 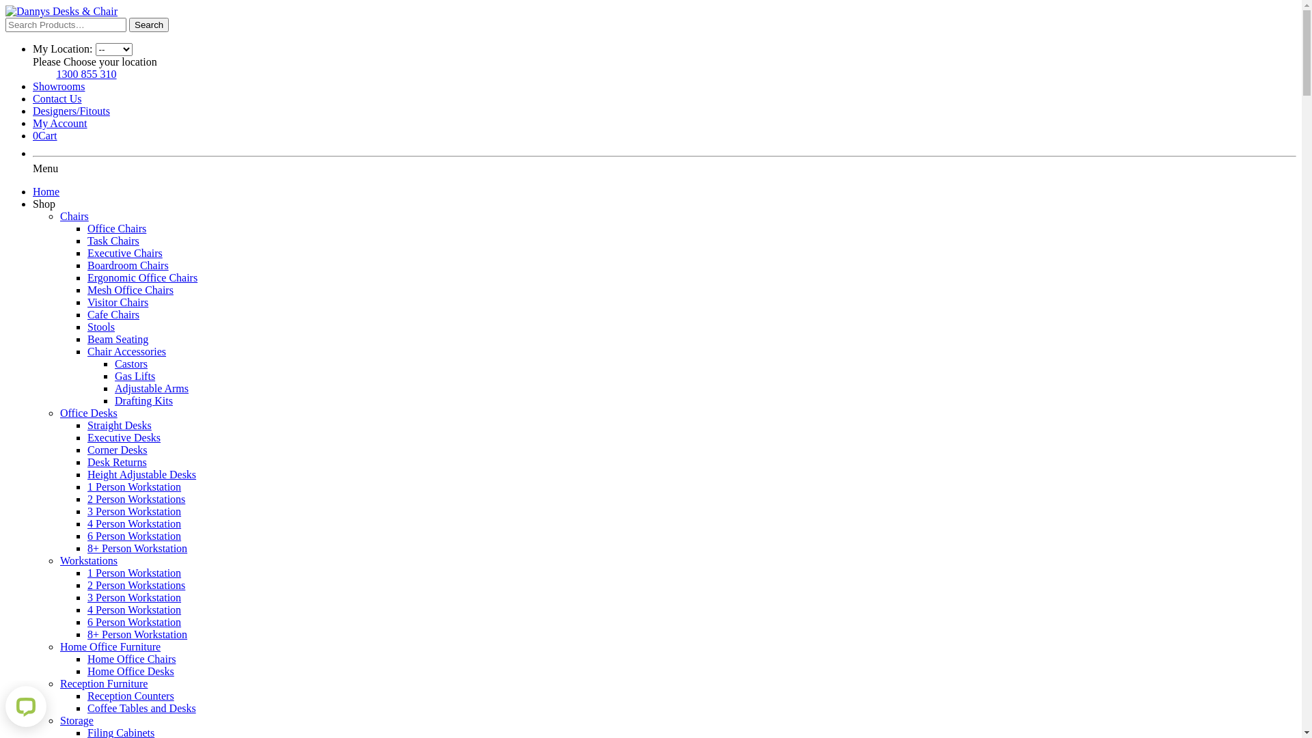 What do you see at coordinates (137, 634) in the screenshot?
I see `'8+ Person Workstation'` at bounding box center [137, 634].